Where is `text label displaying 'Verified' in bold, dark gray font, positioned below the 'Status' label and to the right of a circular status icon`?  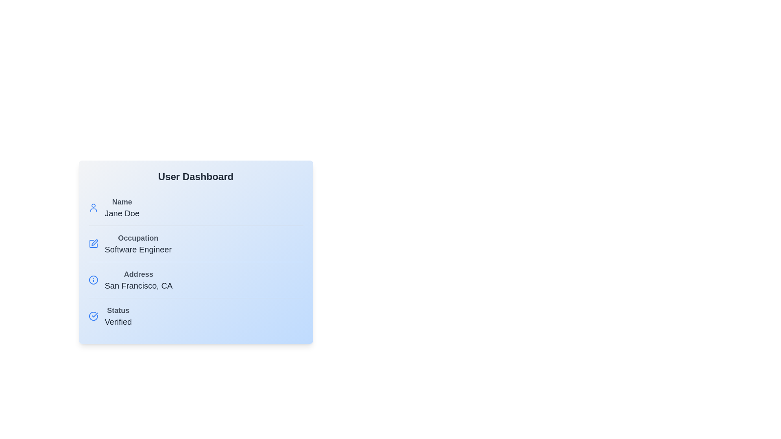 text label displaying 'Verified' in bold, dark gray font, positioned below the 'Status' label and to the right of a circular status icon is located at coordinates (118, 321).